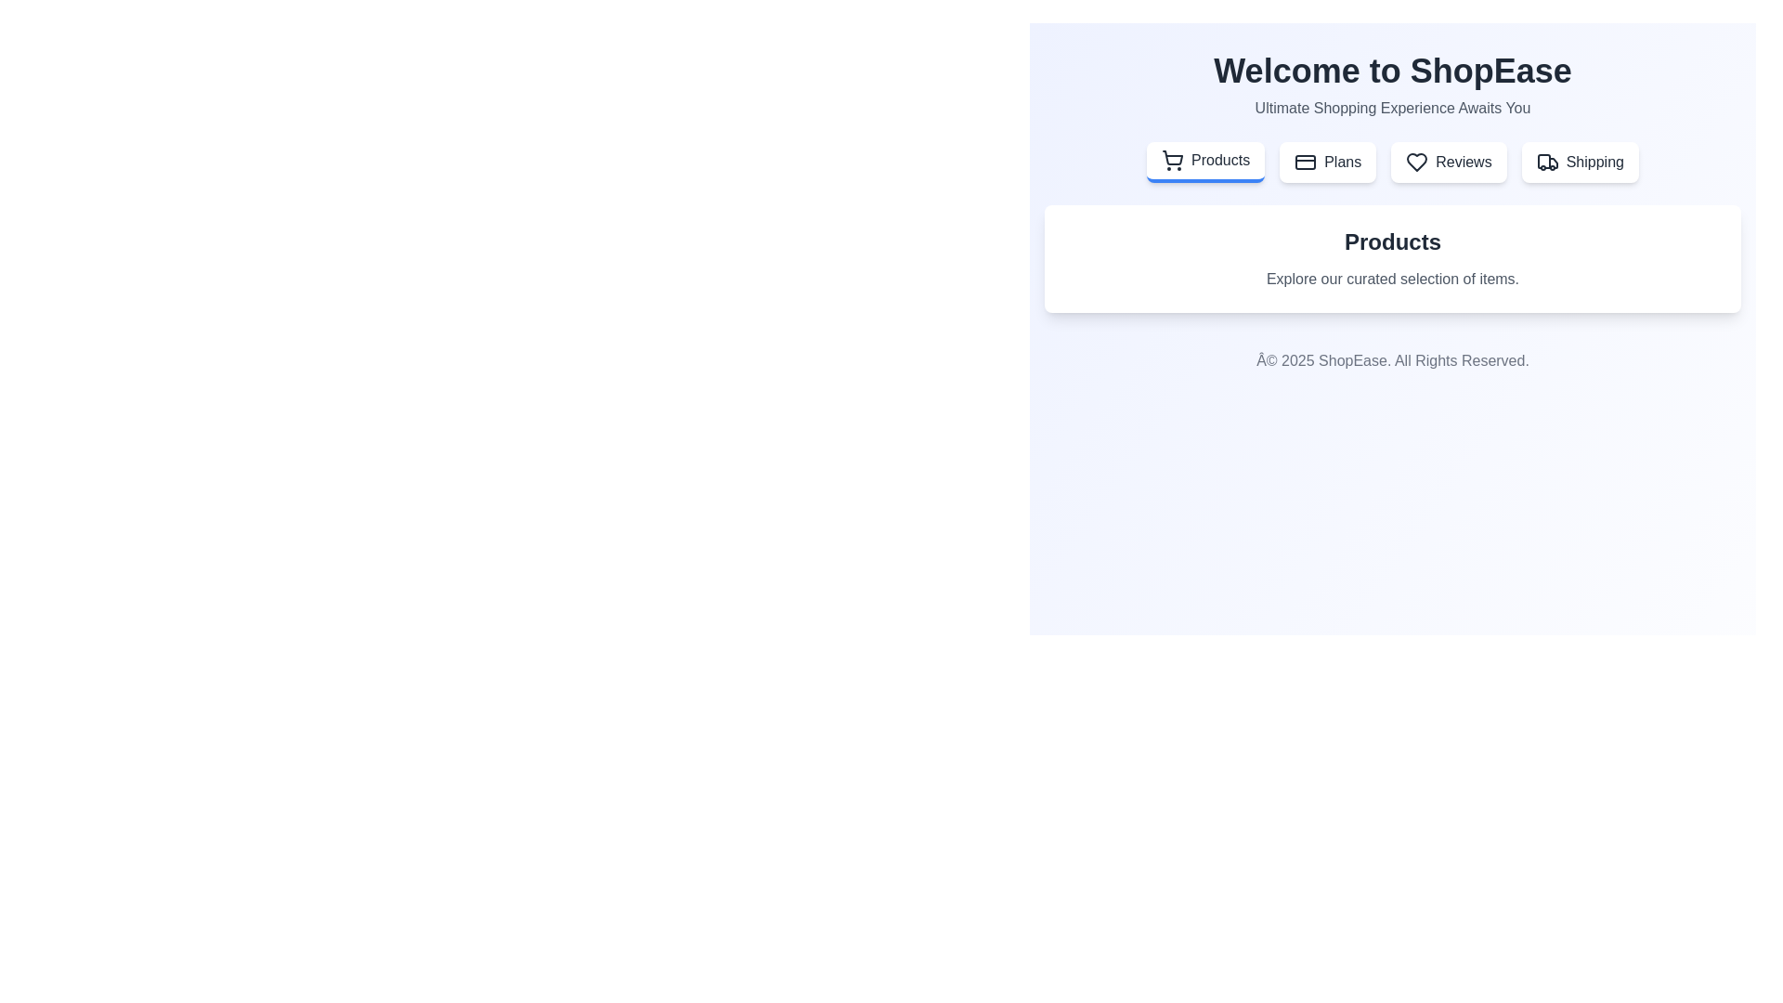 This screenshot has height=1003, width=1783. I want to click on the static text label that says 'Ultimate Shopping Experience Awaits You', which is positioned directly below the title 'Welcome to ShopEase', so click(1392, 108).